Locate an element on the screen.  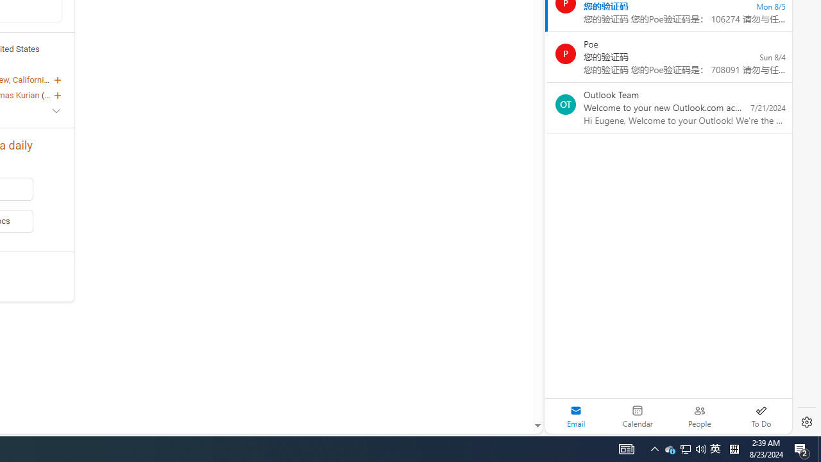
'Calendar. Date today is 22' is located at coordinates (638, 416).